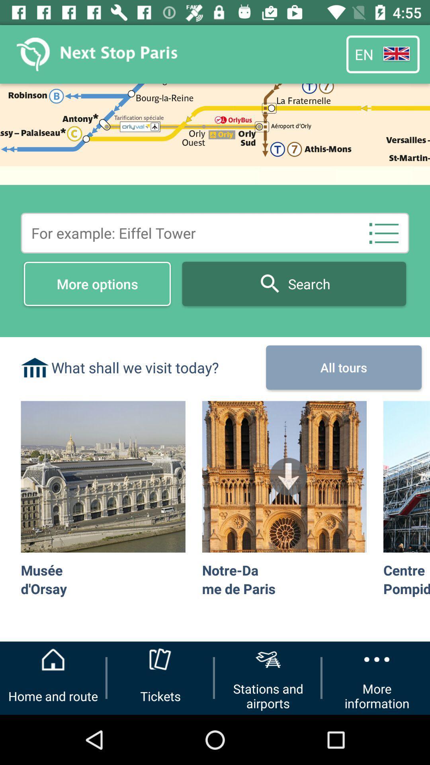 The height and width of the screenshot is (765, 430). What do you see at coordinates (383, 233) in the screenshot?
I see `the list icon` at bounding box center [383, 233].